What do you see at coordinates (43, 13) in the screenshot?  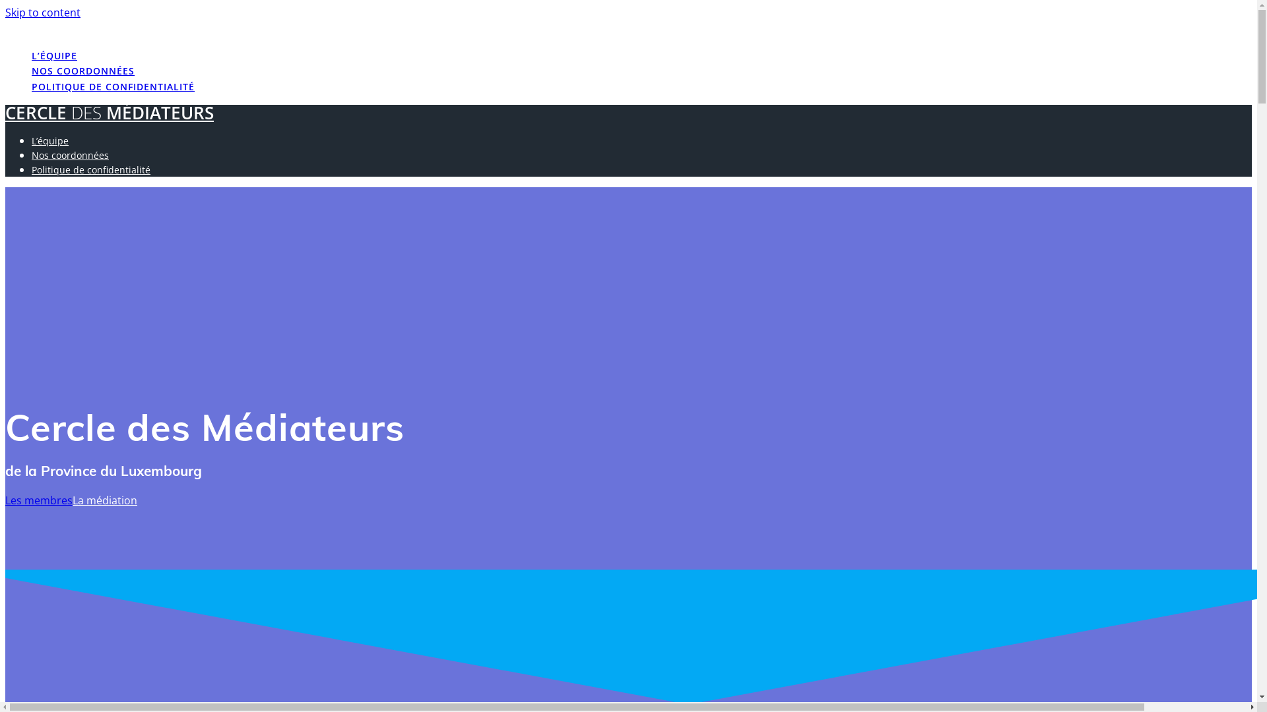 I see `'Skip to content'` at bounding box center [43, 13].